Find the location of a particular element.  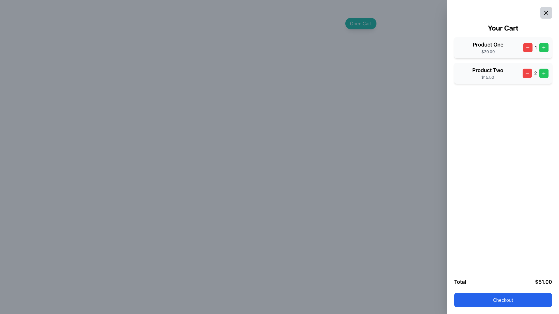

the green circular button with a white plus icon to increment the quantity in the cart for 'Product One' is located at coordinates (543, 47).